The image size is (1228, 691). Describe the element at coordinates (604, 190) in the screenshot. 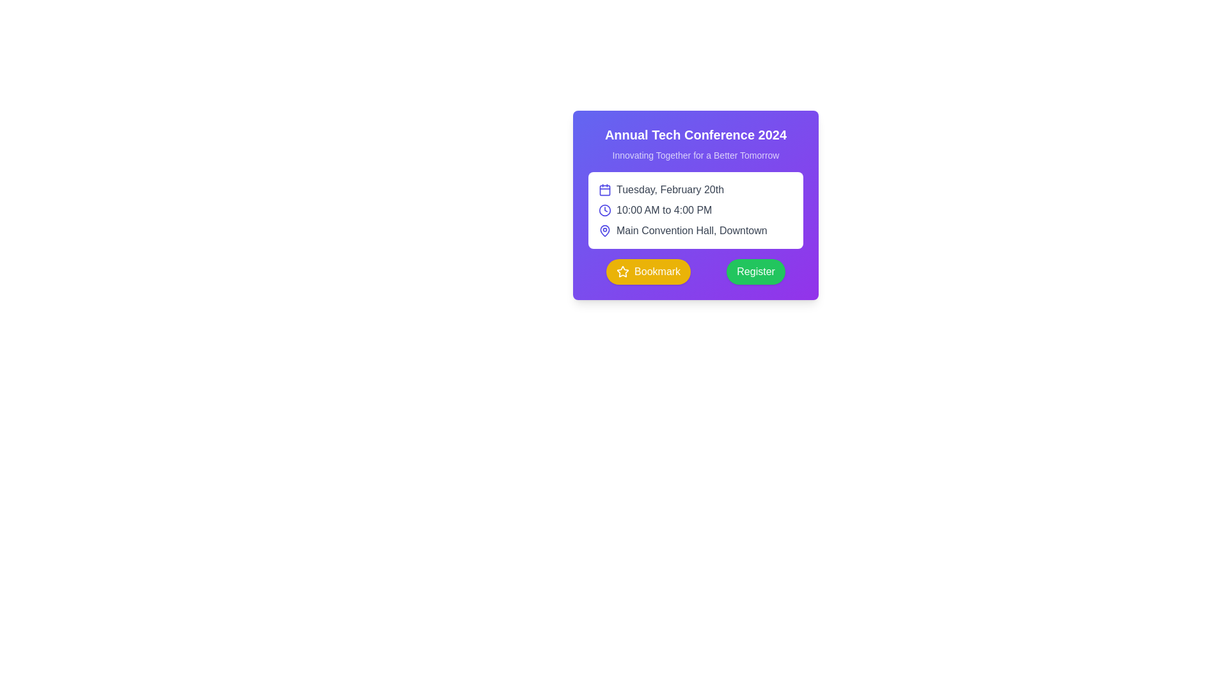

I see `the graphical component of the SVG calendar icon located in the top-left section of the details card, adjacent to the text 'Tuesday, February 20th.'` at that location.